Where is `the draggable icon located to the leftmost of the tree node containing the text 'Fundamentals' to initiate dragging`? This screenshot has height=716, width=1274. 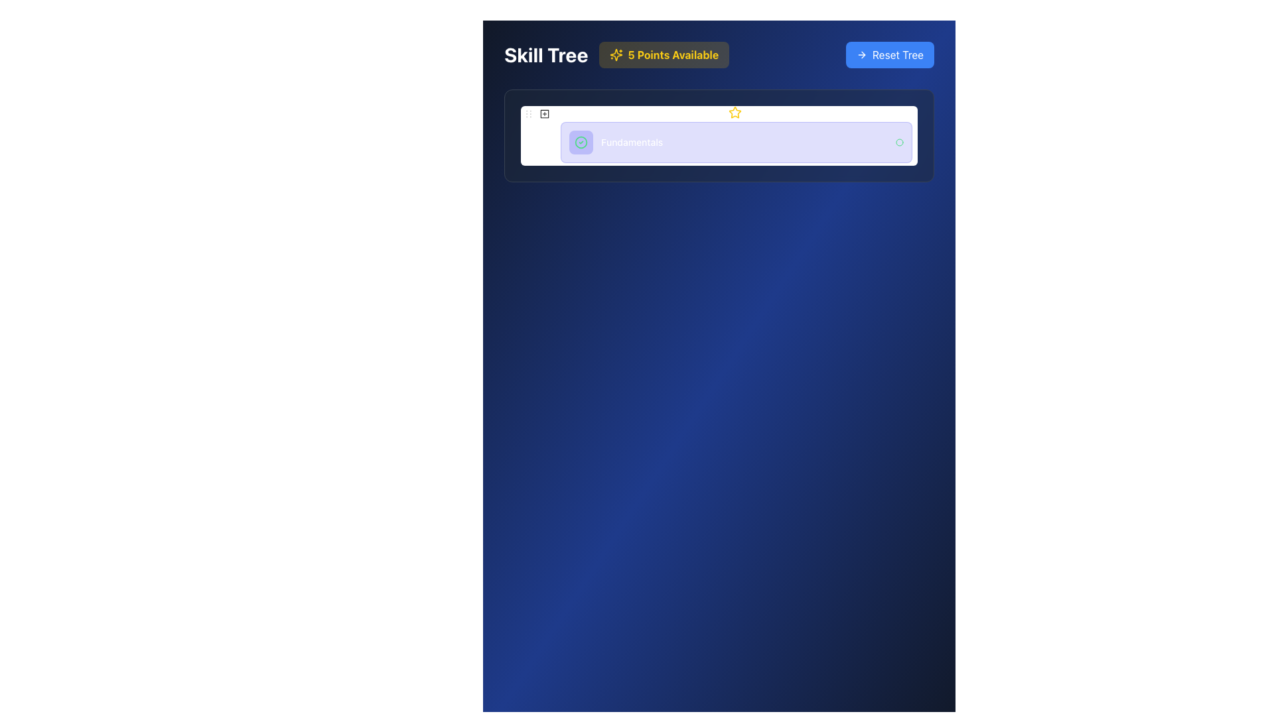
the draggable icon located to the leftmost of the tree node containing the text 'Fundamentals' to initiate dragging is located at coordinates (528, 113).